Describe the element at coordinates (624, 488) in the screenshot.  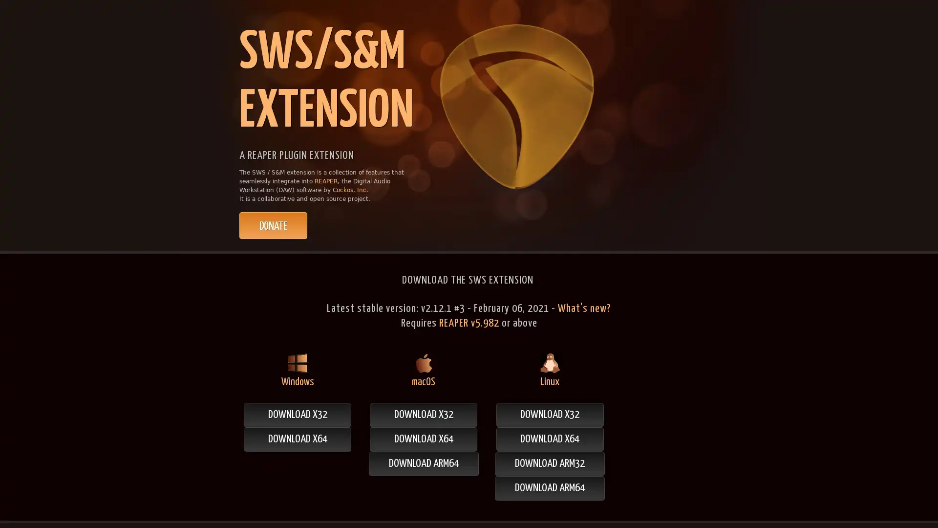
I see `DOWNLOAD ARM64` at that location.